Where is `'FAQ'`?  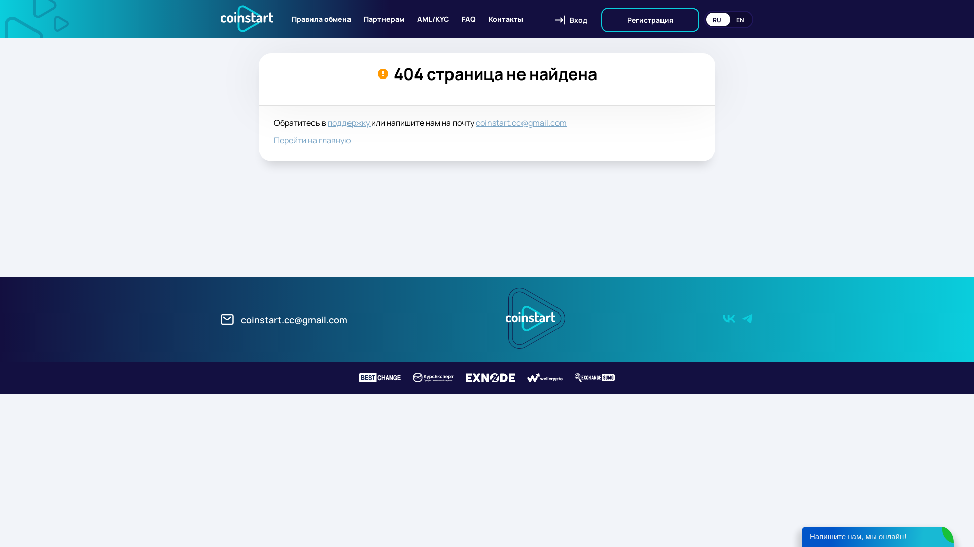
'FAQ' is located at coordinates (461, 19).